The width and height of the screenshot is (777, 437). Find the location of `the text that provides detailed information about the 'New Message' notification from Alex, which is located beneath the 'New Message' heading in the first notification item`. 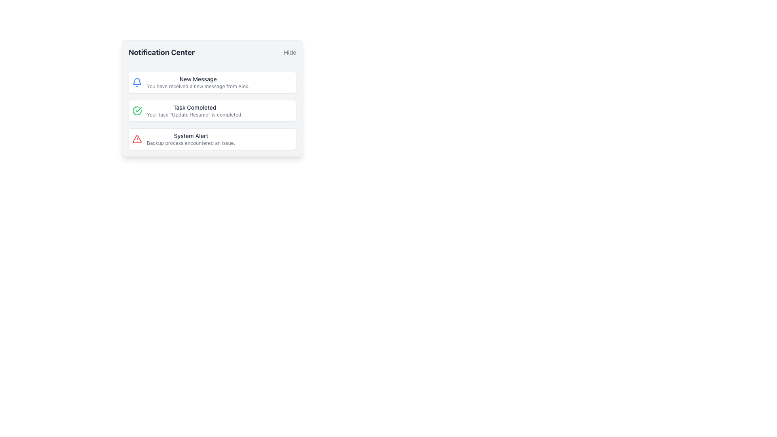

the text that provides detailed information about the 'New Message' notification from Alex, which is located beneath the 'New Message' heading in the first notification item is located at coordinates (198, 86).